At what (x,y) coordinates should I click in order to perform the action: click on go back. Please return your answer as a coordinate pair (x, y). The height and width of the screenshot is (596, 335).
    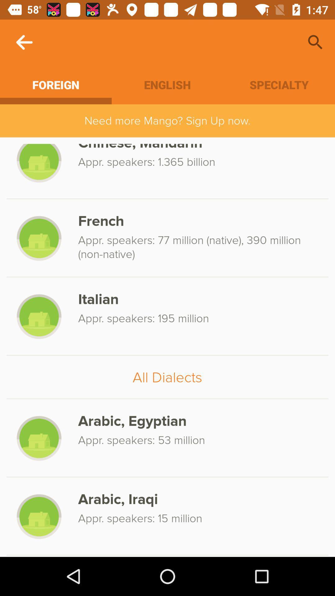
    Looking at the image, I should click on (24, 42).